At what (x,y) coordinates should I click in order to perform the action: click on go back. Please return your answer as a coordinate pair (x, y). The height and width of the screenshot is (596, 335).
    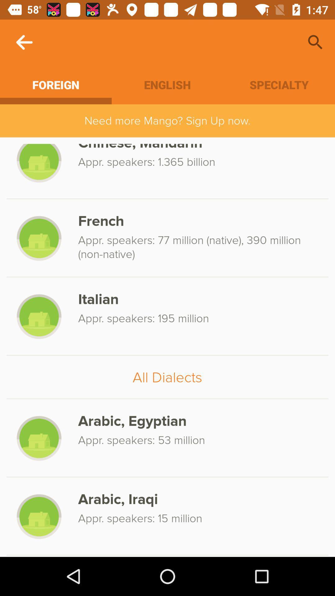
    Looking at the image, I should click on (24, 42).